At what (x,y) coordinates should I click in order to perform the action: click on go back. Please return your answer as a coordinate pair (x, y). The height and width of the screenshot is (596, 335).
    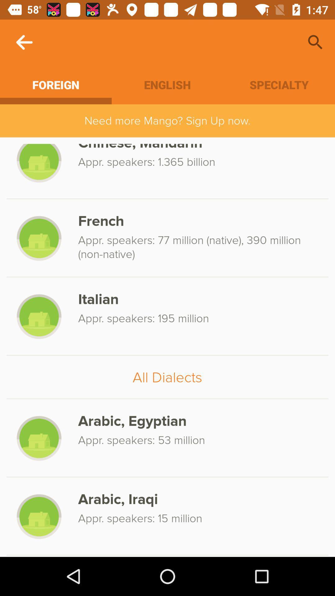
    Looking at the image, I should click on (24, 42).